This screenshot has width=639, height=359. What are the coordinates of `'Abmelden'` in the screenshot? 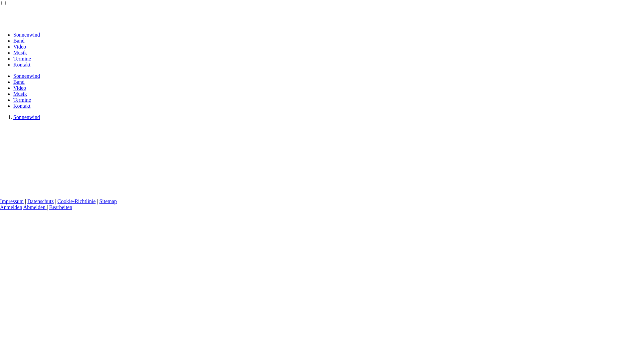 It's located at (35, 207).